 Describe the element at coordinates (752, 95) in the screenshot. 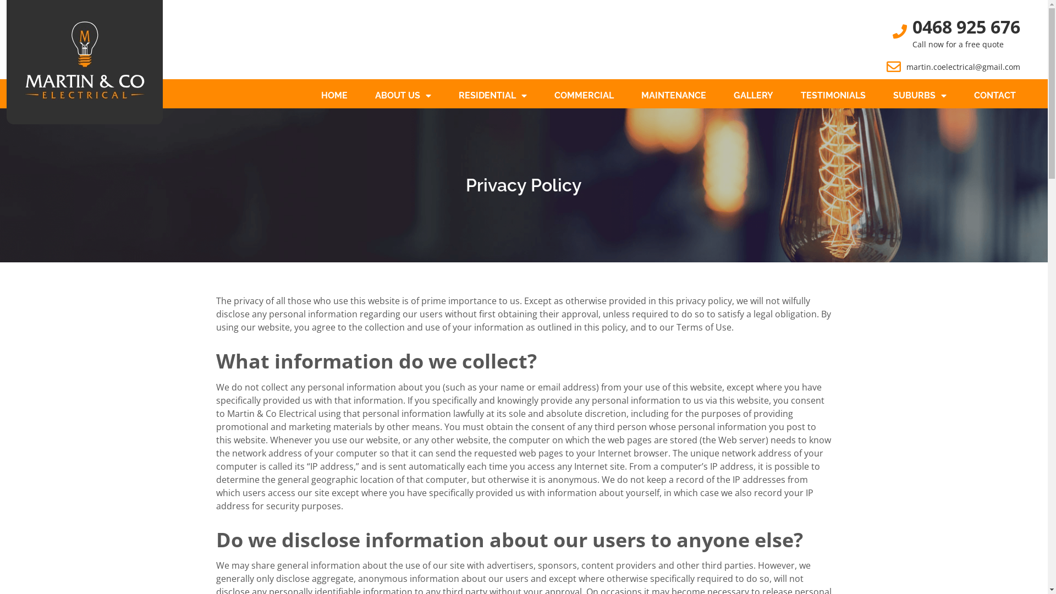

I see `'GALLERY'` at that location.